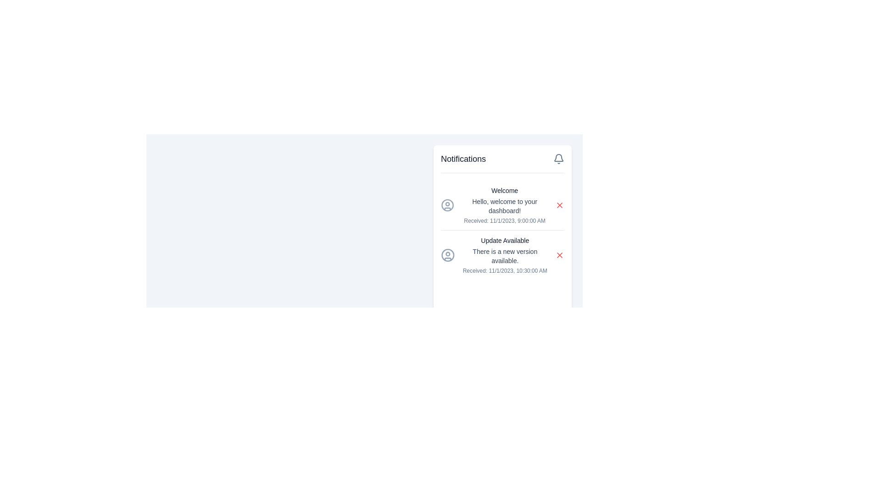 The height and width of the screenshot is (495, 881). I want to click on the second red cross icon in the notification panel, so click(559, 255).